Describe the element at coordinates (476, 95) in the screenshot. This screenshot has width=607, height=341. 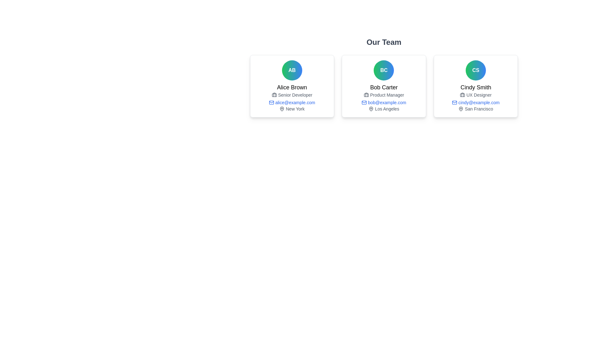
I see `the text label displaying 'UX Designer' which is styled in gray and positioned under Cindy Smith's name within her profile card` at that location.